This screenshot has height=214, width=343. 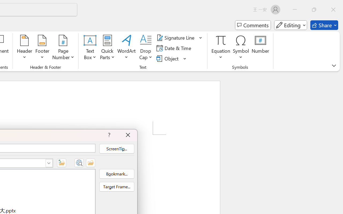 I want to click on 'Equation', so click(x=221, y=48).